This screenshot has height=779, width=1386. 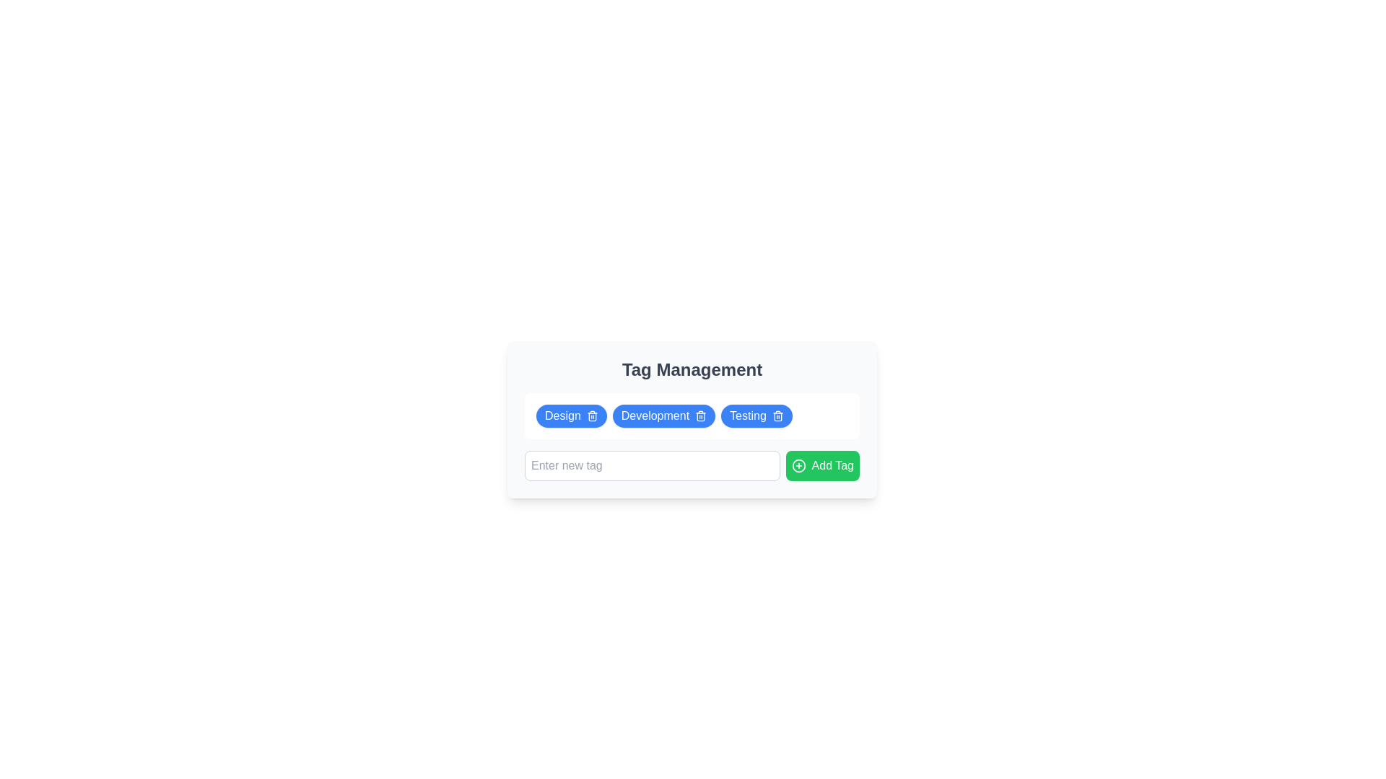 I want to click on the text label displaying 'Testing' within the blue tag component in the 'Tag Management' interface, so click(x=748, y=416).